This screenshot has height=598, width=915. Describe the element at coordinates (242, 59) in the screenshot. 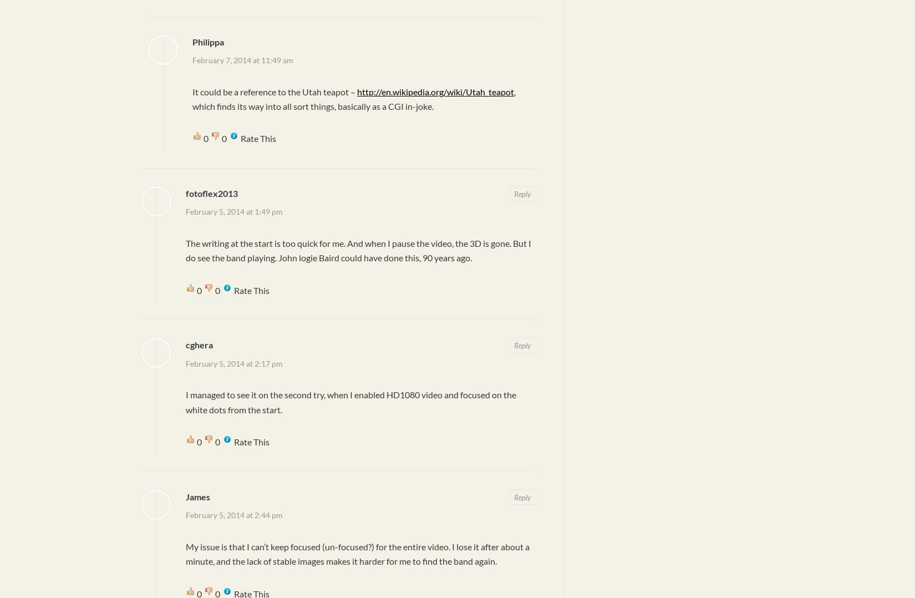

I see `'February 7, 2014 at 11:49 am'` at that location.